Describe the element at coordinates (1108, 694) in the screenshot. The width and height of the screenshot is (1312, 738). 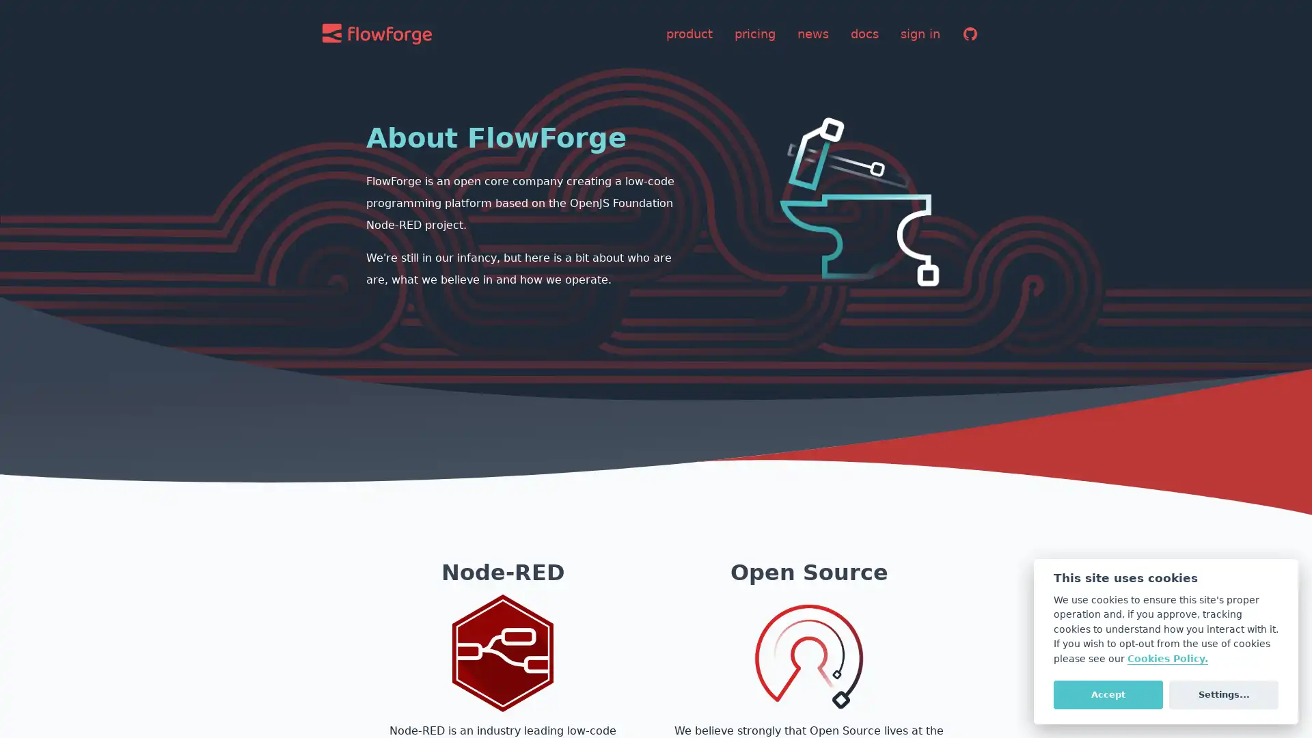
I see `Accept` at that location.